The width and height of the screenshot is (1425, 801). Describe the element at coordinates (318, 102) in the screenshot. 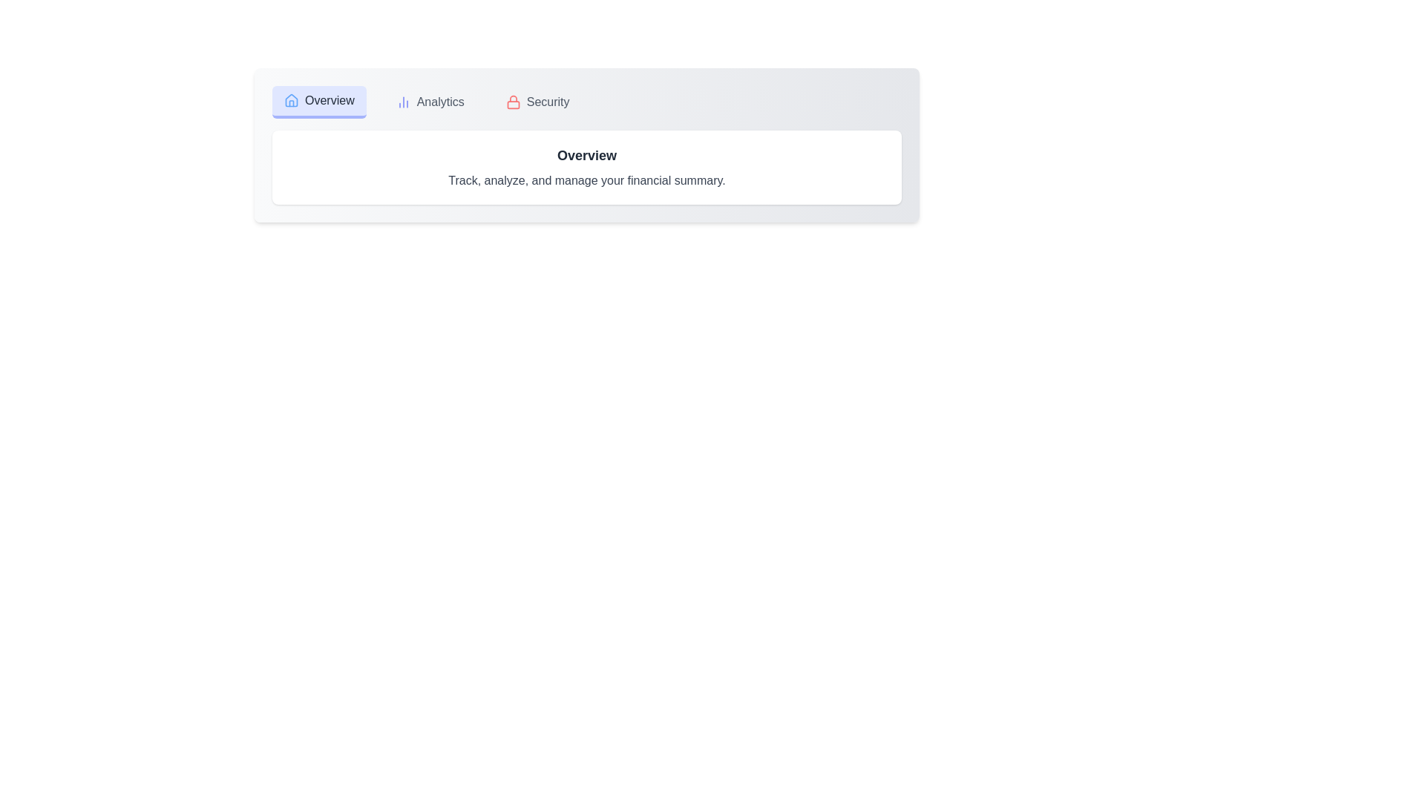

I see `the Overview tab` at that location.